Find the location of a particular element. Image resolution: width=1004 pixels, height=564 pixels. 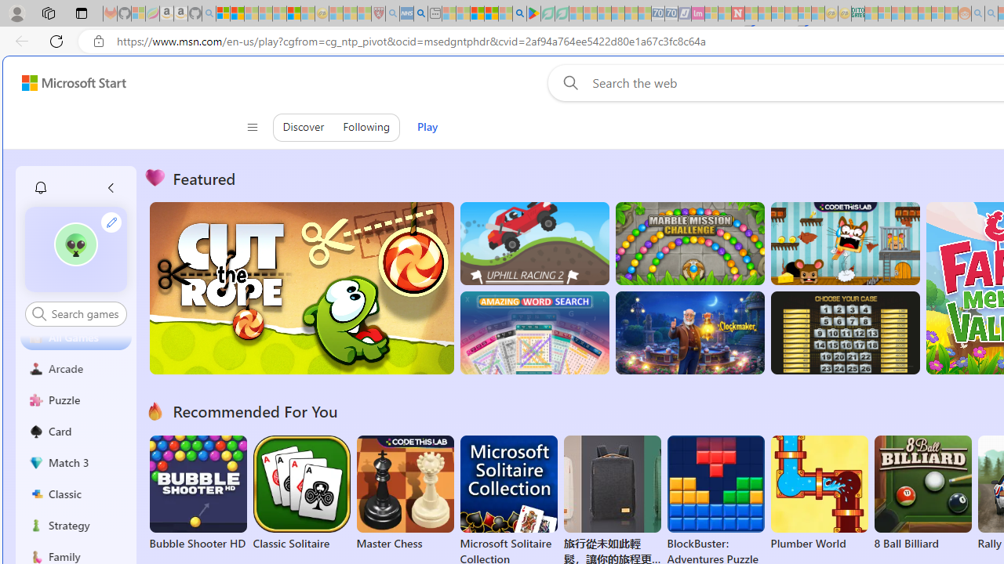

'Up Hill Racing 2' is located at coordinates (534, 244).